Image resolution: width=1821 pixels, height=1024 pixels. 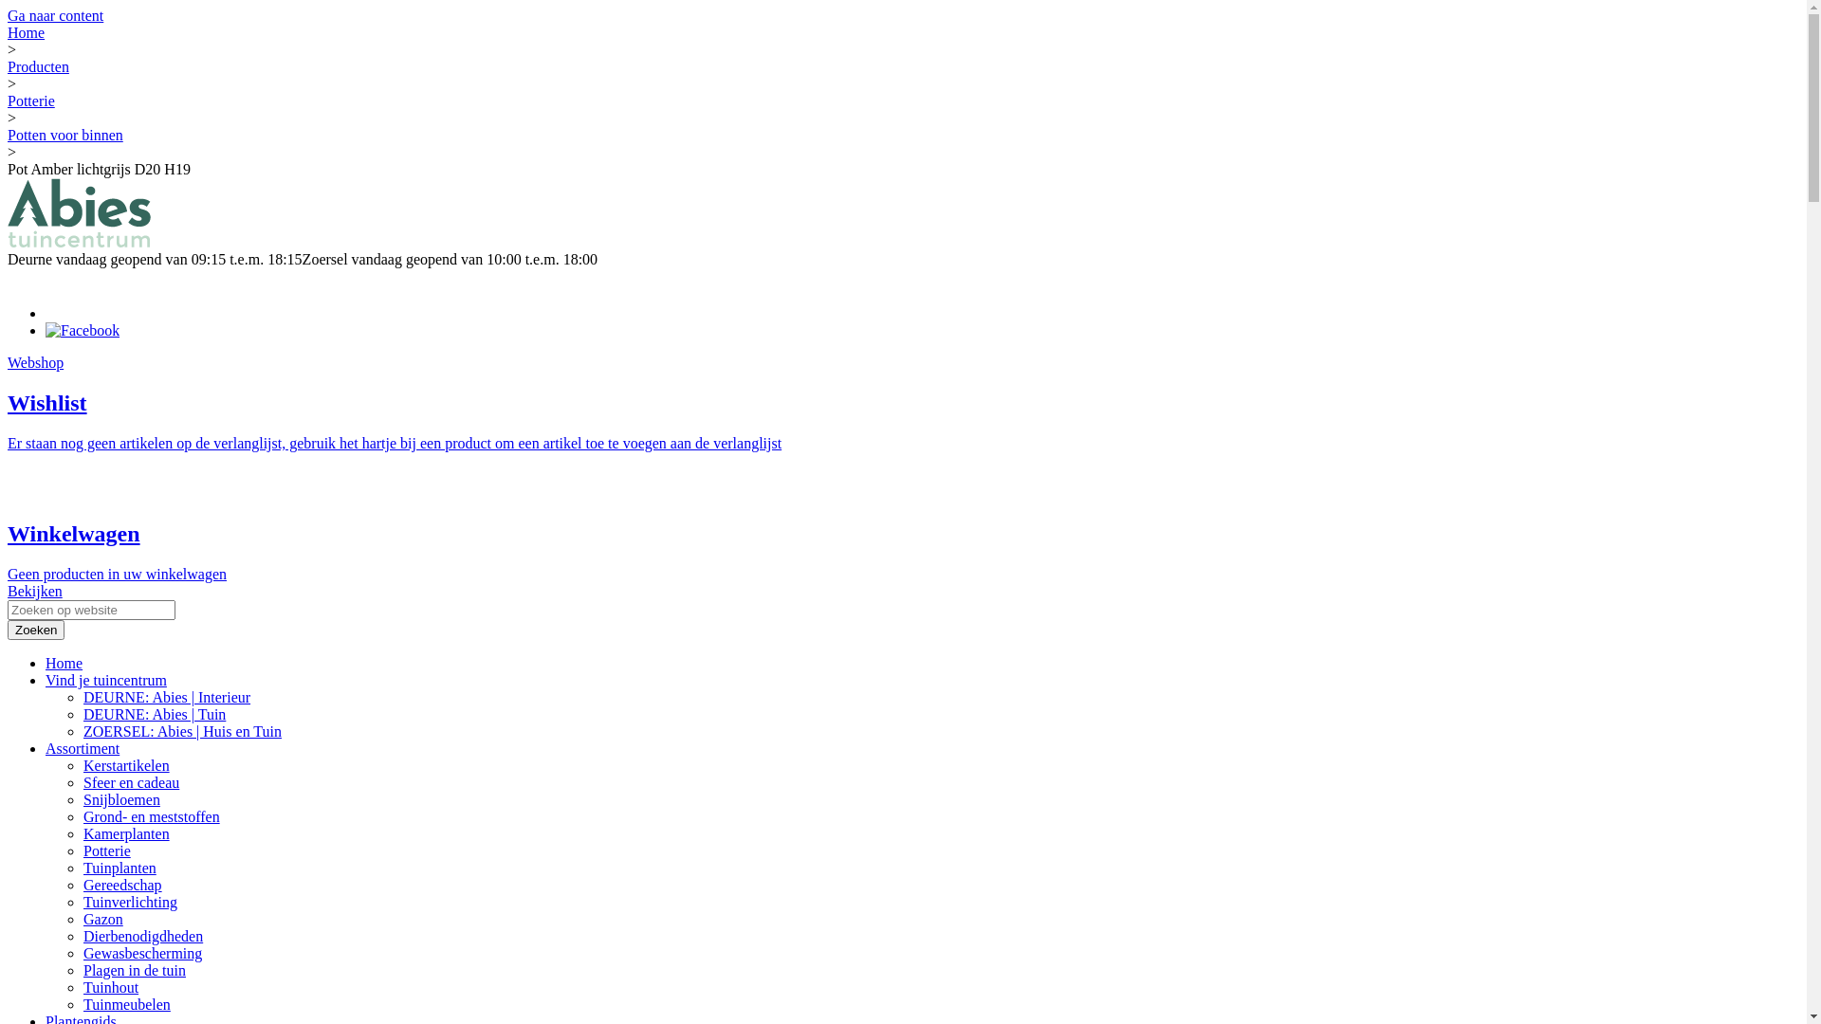 I want to click on 'Producten', so click(x=38, y=65).